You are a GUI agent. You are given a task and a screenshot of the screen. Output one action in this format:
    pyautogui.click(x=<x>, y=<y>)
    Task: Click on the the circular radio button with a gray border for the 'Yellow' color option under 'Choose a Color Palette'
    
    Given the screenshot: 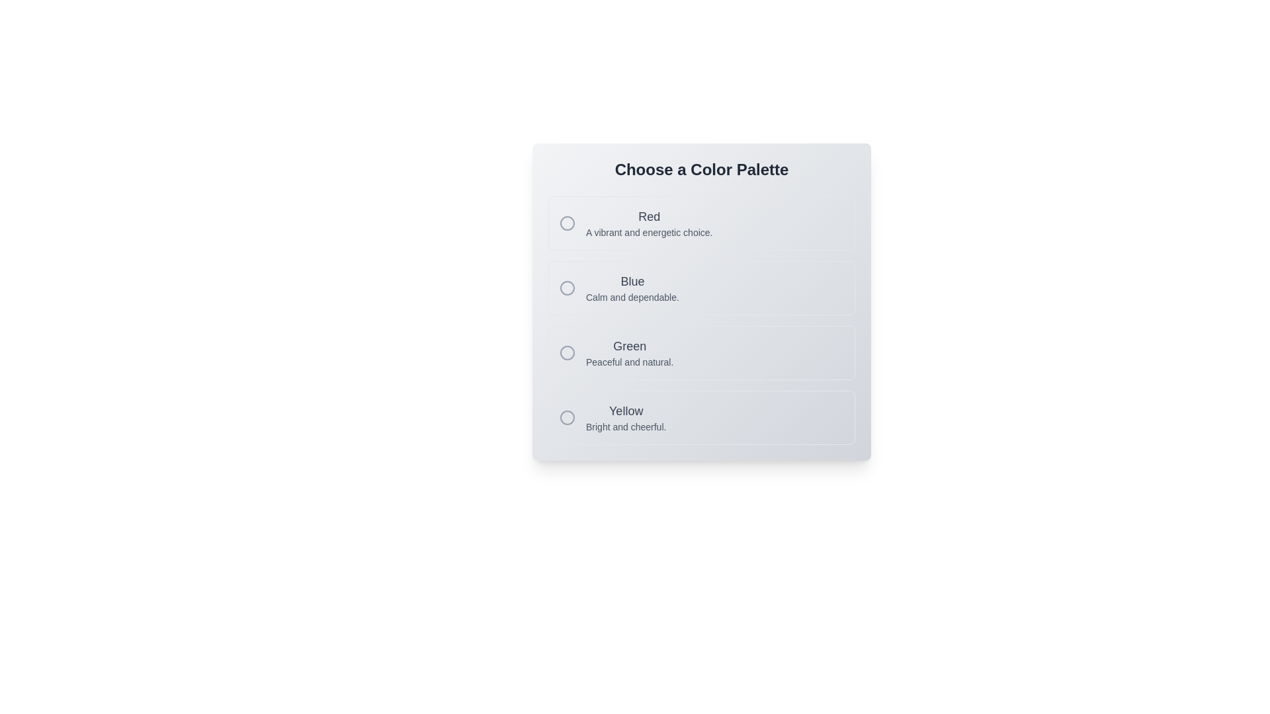 What is the action you would take?
    pyautogui.click(x=568, y=418)
    